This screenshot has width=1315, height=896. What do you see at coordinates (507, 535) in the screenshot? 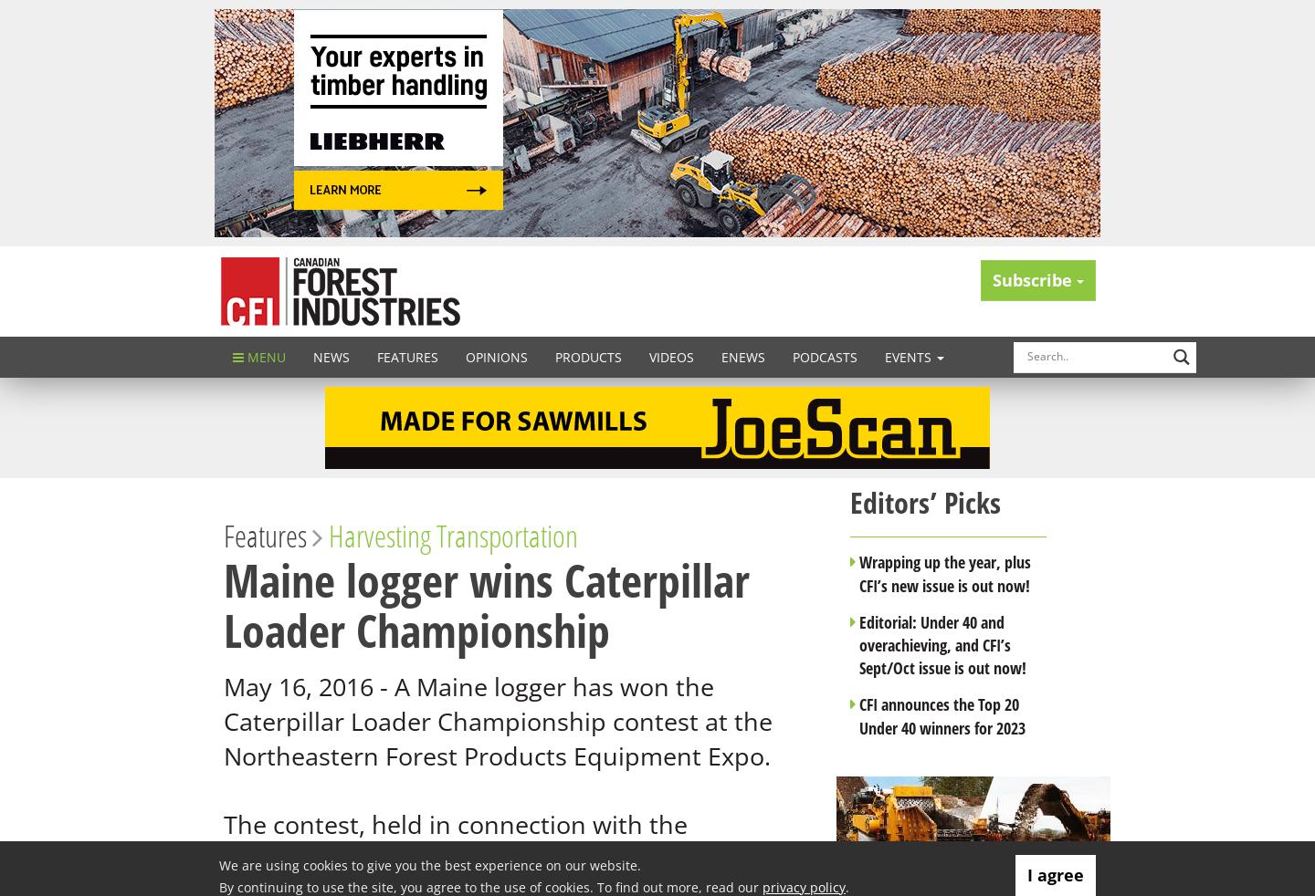
I see `'Transportation'` at bounding box center [507, 535].